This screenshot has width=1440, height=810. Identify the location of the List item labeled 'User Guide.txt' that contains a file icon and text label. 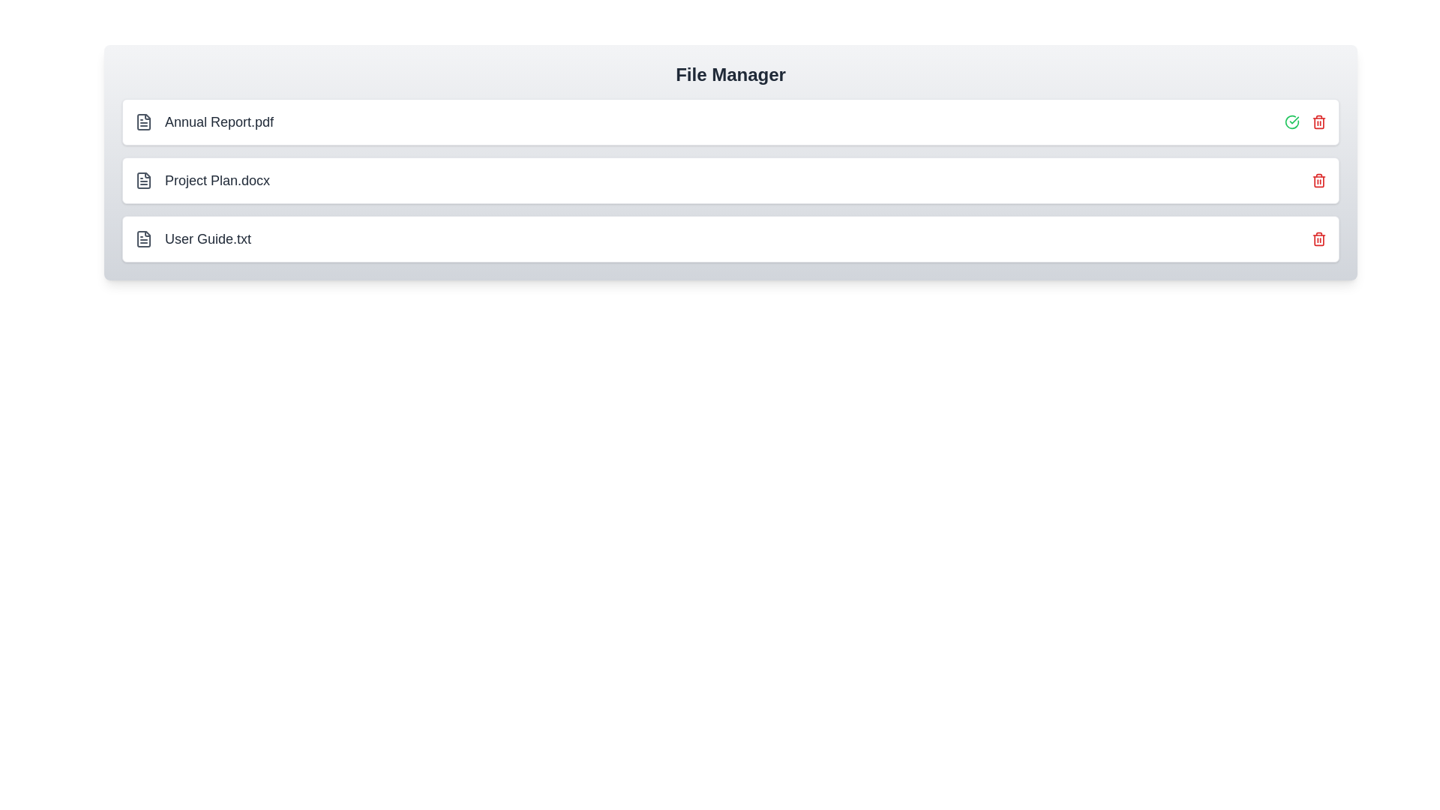
(192, 238).